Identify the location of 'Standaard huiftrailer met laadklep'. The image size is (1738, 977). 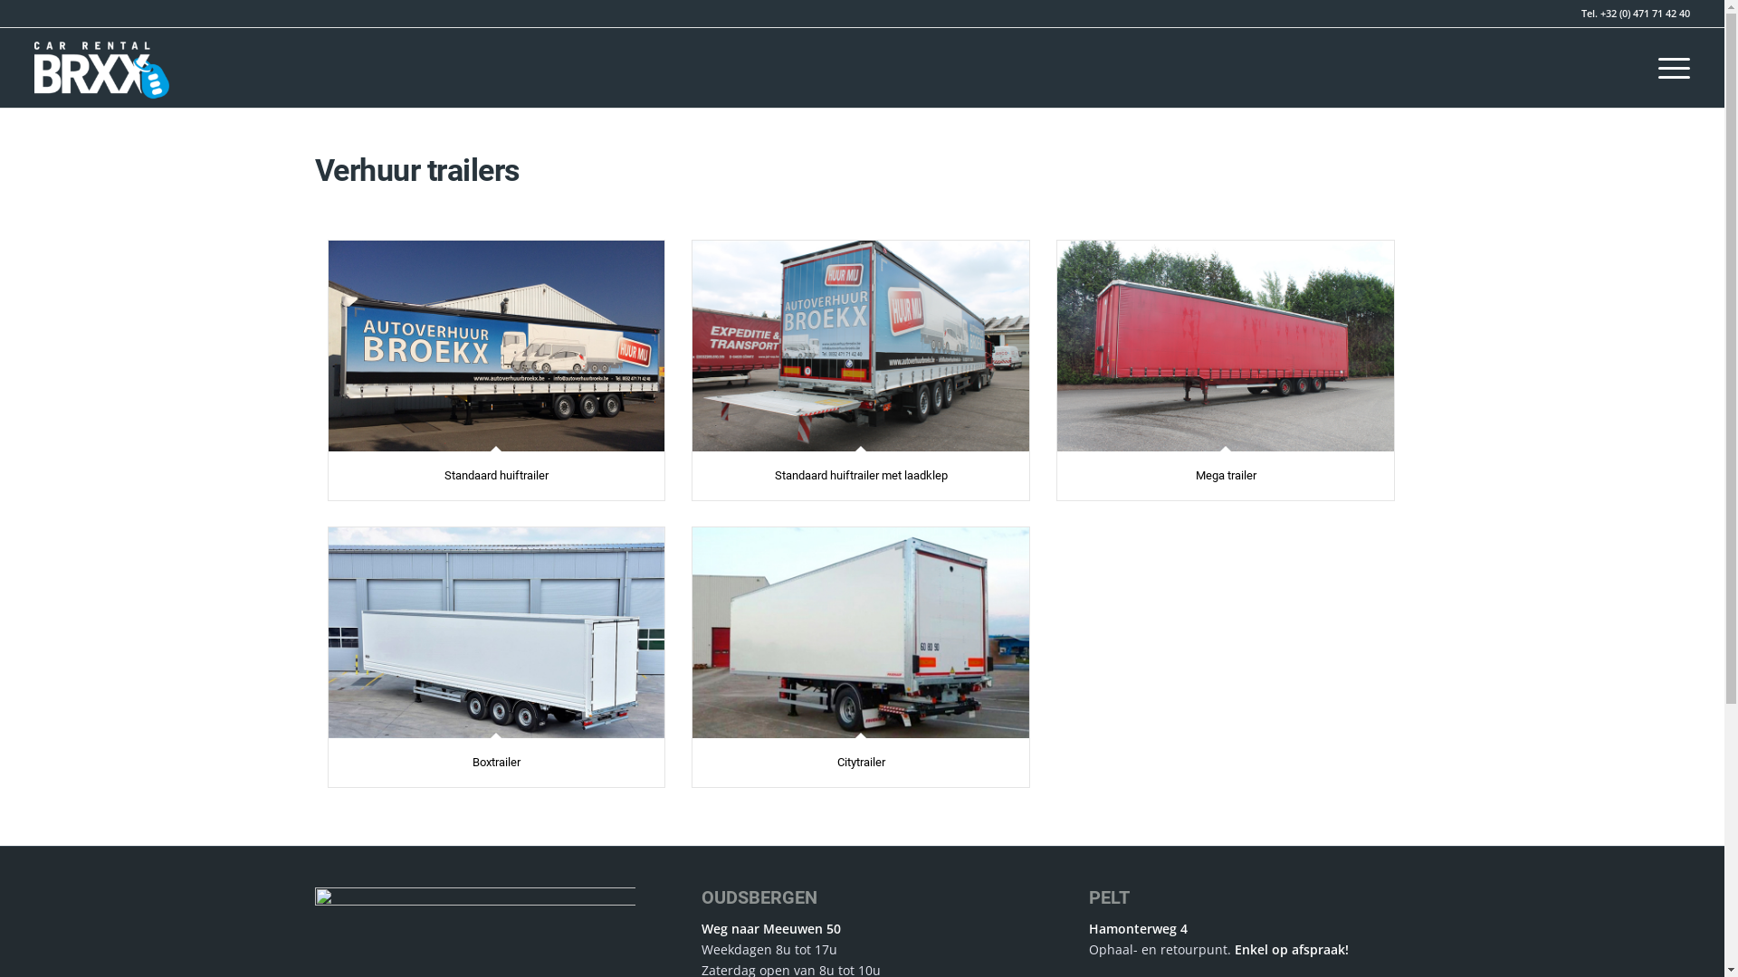
(774, 474).